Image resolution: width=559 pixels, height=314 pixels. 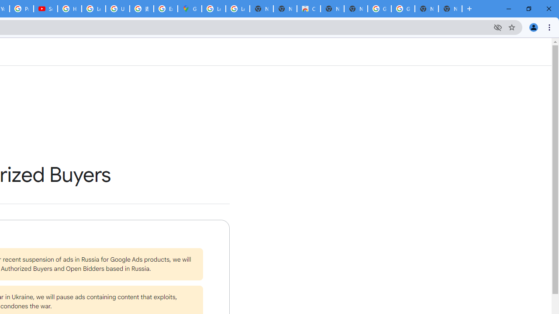 What do you see at coordinates (69, 9) in the screenshot?
I see `'How Chrome protects your passwords - Google Chrome Help'` at bounding box center [69, 9].